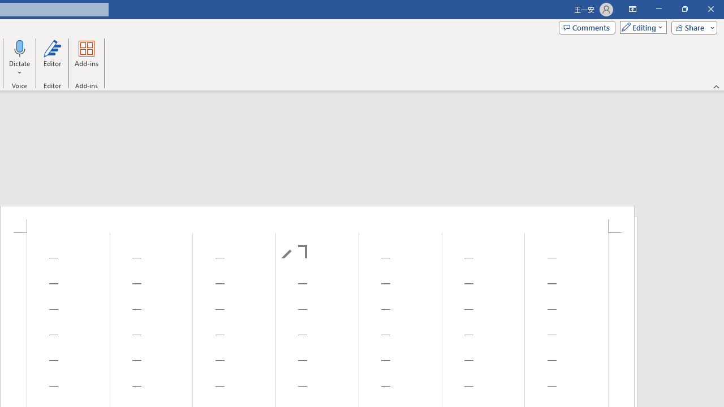 Image resolution: width=724 pixels, height=407 pixels. What do you see at coordinates (51, 58) in the screenshot?
I see `'Editor'` at bounding box center [51, 58].